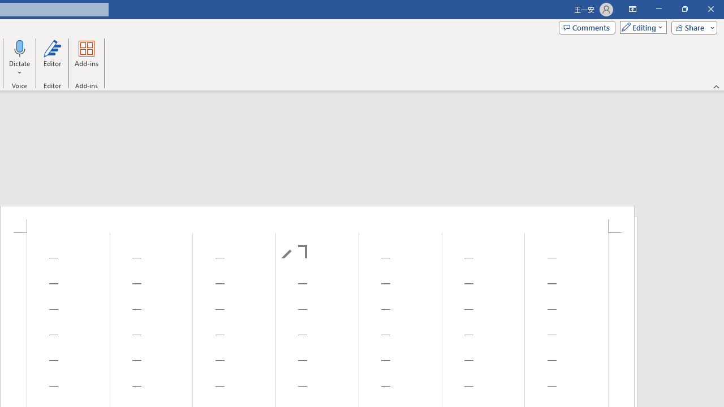 Image resolution: width=724 pixels, height=407 pixels. What do you see at coordinates (51, 58) in the screenshot?
I see `'Editor'` at bounding box center [51, 58].